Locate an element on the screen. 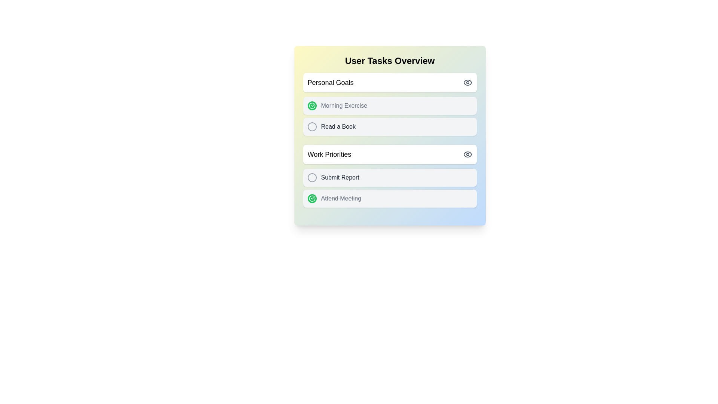  the completion icon for the 'Morning Exercise' task located in the 'Personal Goals' section is located at coordinates (312, 105).